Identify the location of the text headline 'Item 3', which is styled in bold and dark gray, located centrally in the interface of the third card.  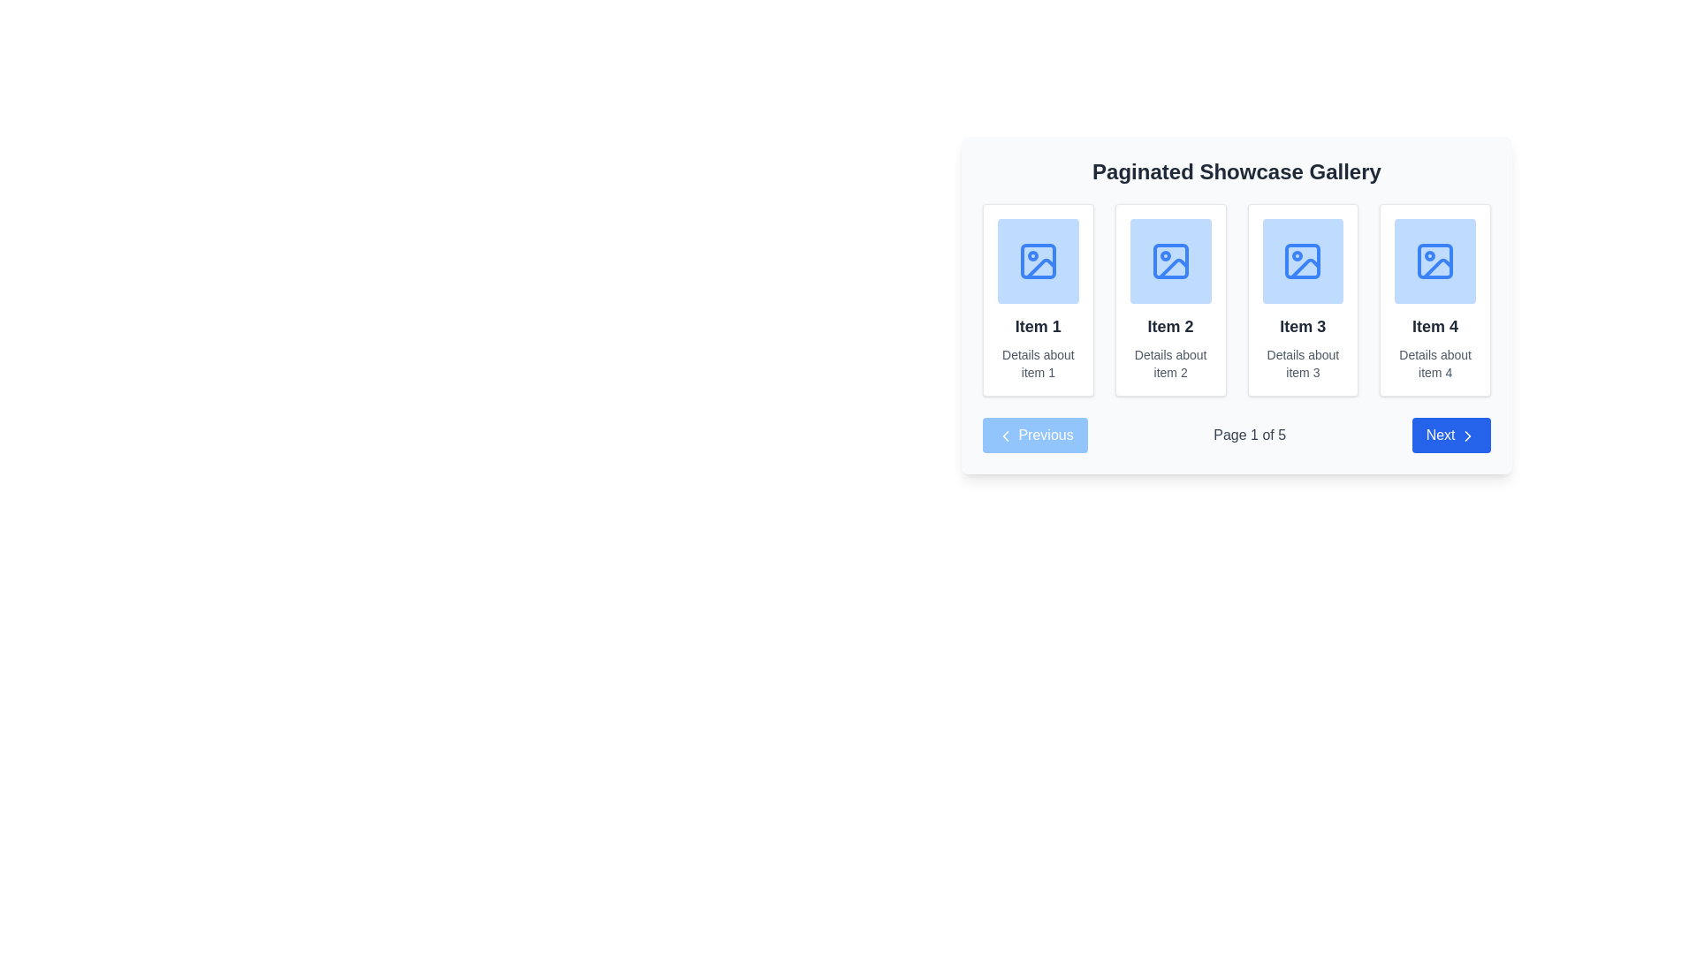
(1303, 327).